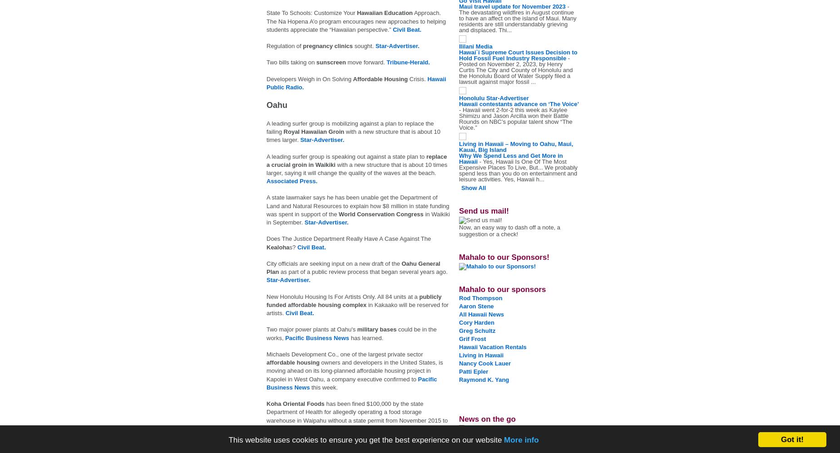  What do you see at coordinates (331, 62) in the screenshot?
I see `'sunscreen'` at bounding box center [331, 62].